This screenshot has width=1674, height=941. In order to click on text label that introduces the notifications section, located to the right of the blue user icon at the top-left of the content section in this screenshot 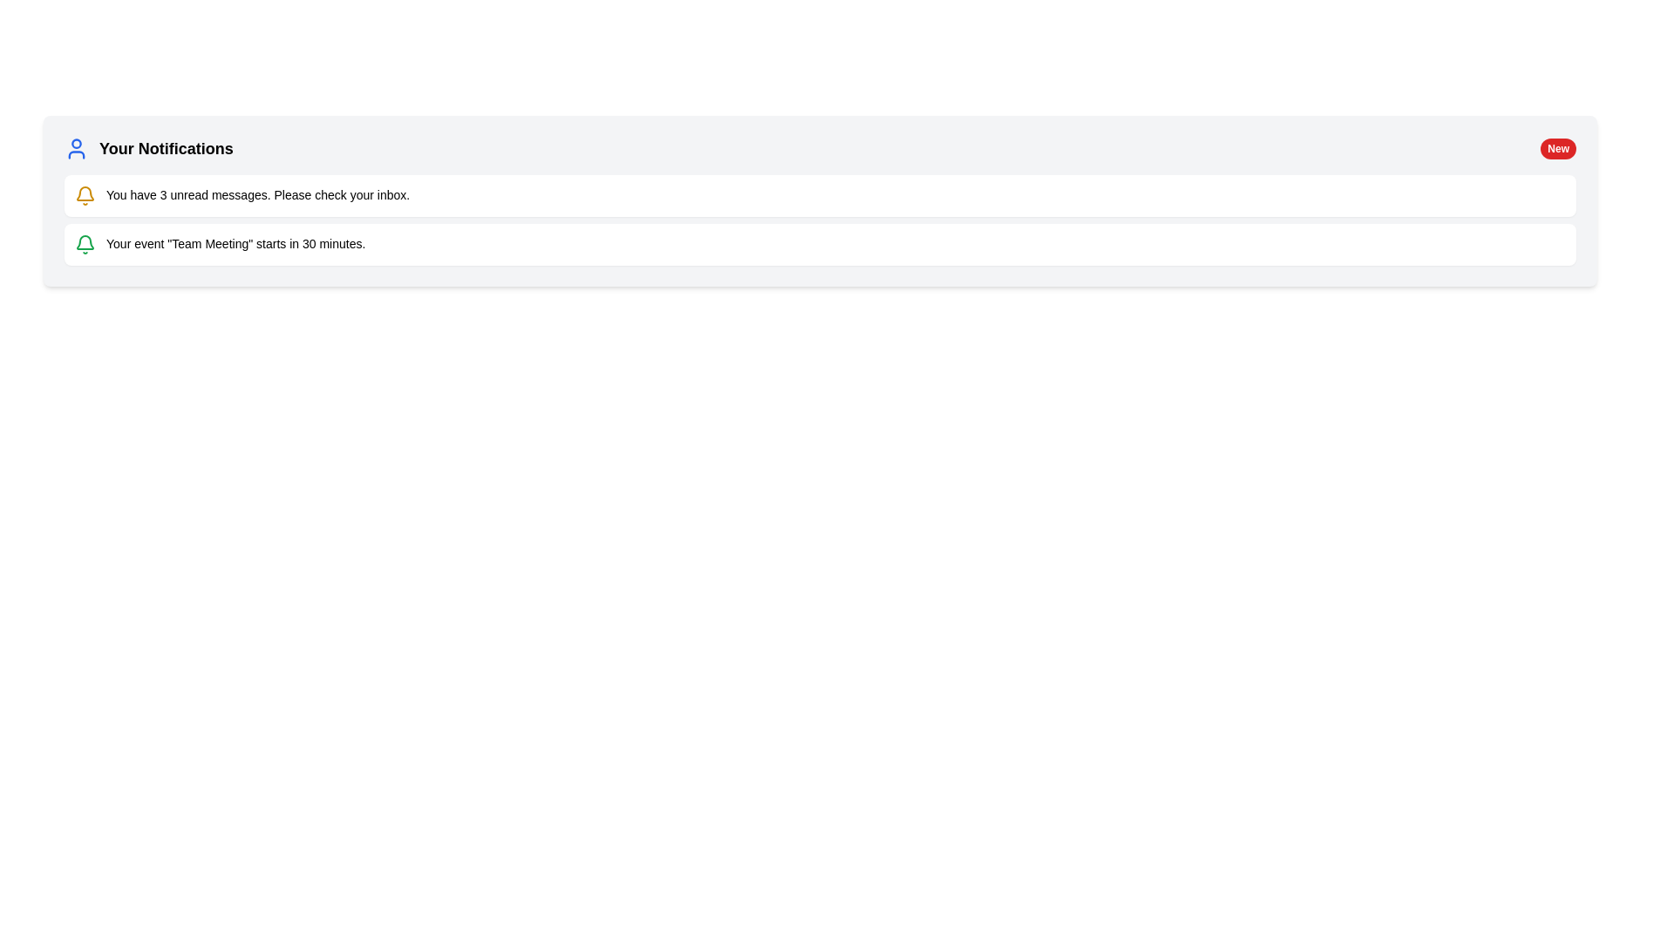, I will do `click(166, 147)`.